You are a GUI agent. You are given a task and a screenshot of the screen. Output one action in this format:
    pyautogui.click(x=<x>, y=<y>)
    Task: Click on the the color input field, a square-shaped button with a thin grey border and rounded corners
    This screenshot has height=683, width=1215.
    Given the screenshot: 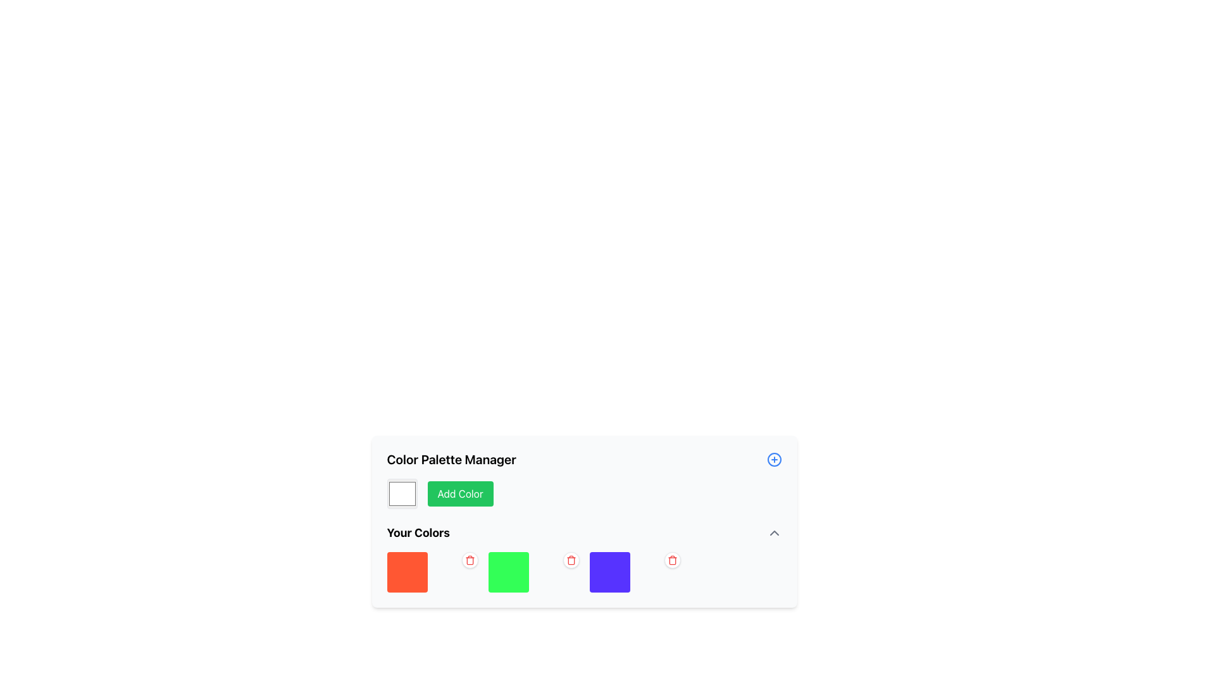 What is the action you would take?
    pyautogui.click(x=401, y=493)
    